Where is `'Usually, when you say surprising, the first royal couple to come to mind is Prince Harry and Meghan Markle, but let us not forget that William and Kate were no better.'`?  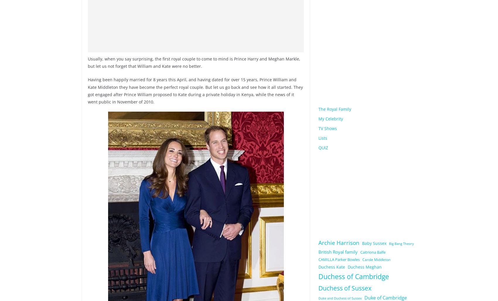 'Usually, when you say surprising, the first royal couple to come to mind is Prince Harry and Meghan Markle, but let us not forget that William and Kate were no better.' is located at coordinates (88, 62).